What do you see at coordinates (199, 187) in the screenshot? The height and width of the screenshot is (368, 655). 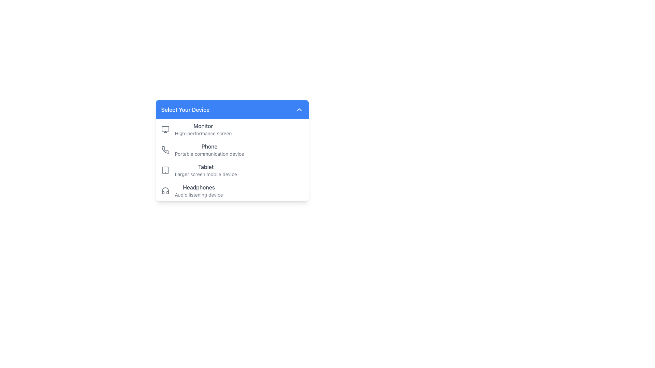 I see `text label 'Headphones' located in the dropdown menu under 'Select Your Device'` at bounding box center [199, 187].